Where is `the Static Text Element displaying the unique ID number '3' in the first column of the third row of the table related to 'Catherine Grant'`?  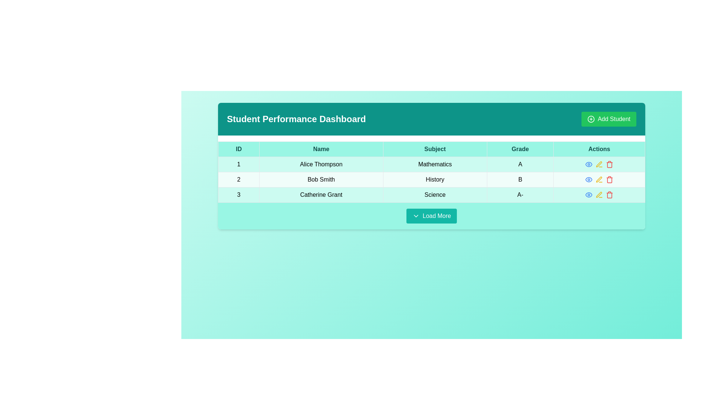 the Static Text Element displaying the unique ID number '3' in the first column of the third row of the table related to 'Catherine Grant' is located at coordinates (238, 194).